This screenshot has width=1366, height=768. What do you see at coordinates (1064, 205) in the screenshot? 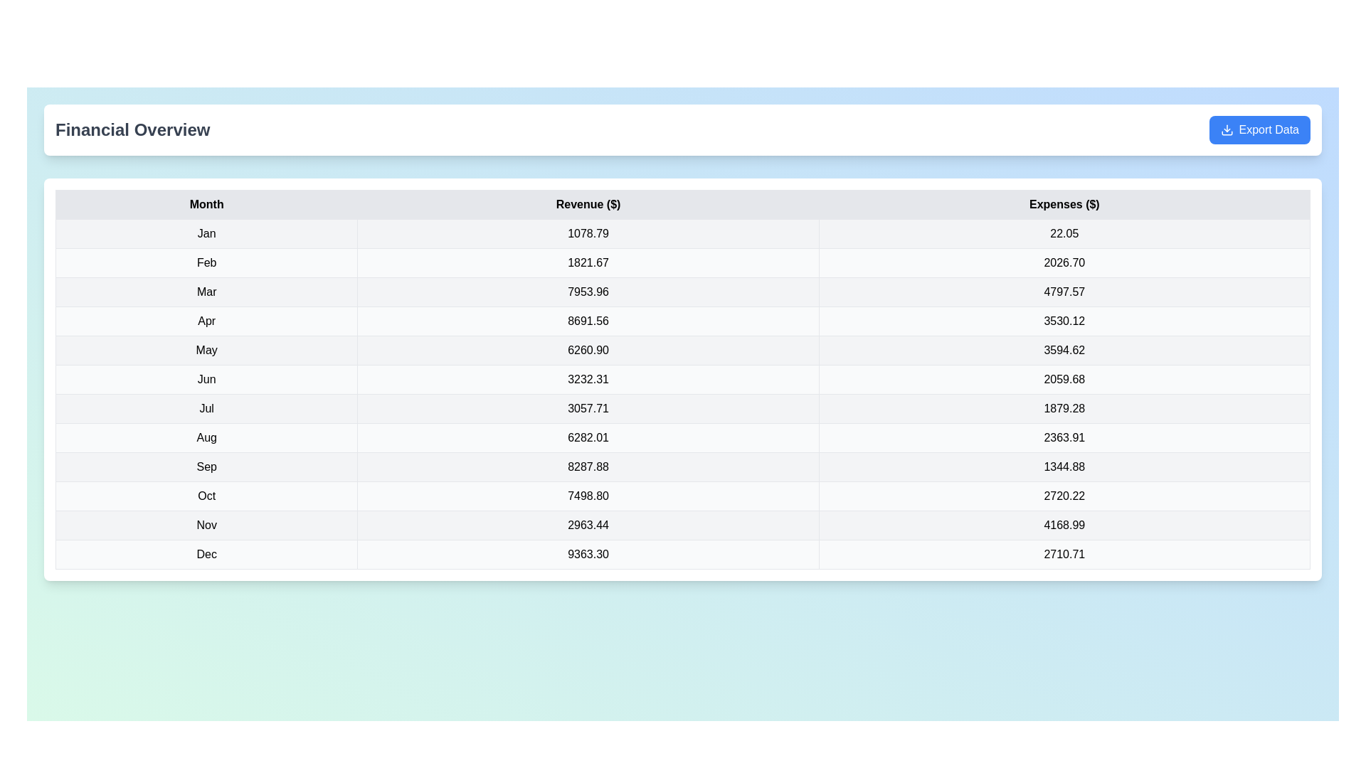
I see `the column header labeled 'Expenses ($)' to sort the table by that column` at bounding box center [1064, 205].